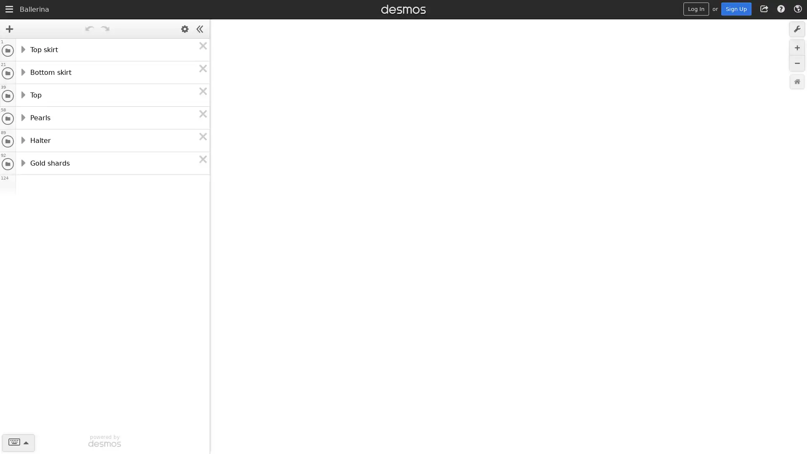 The image size is (807, 454). What do you see at coordinates (8, 140) in the screenshot?
I see `Hide Folder` at bounding box center [8, 140].